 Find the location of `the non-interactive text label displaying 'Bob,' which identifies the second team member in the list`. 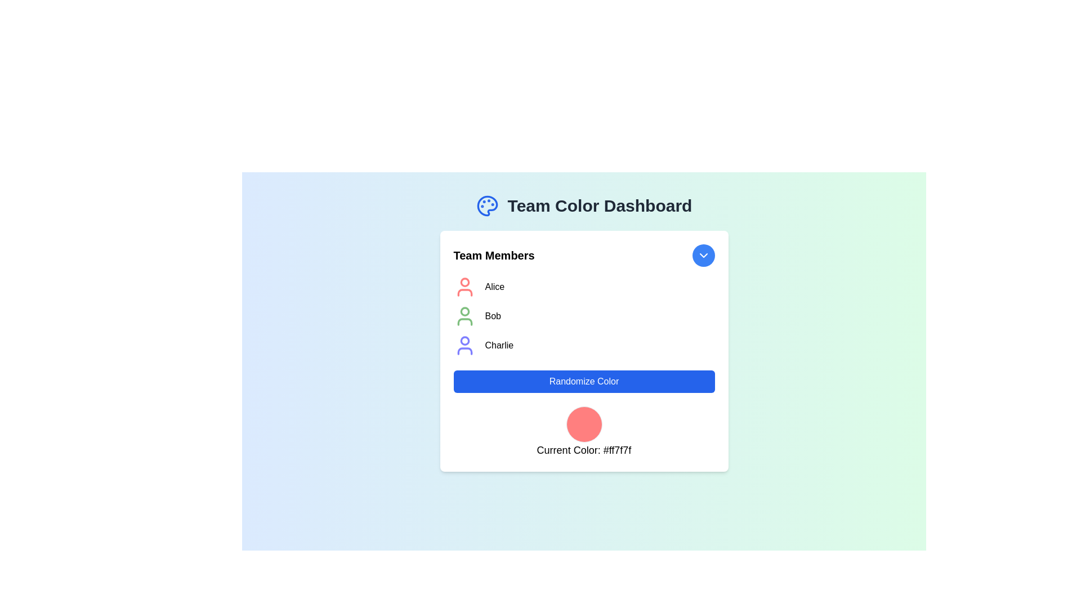

the non-interactive text label displaying 'Bob,' which identifies the second team member in the list is located at coordinates (493, 316).